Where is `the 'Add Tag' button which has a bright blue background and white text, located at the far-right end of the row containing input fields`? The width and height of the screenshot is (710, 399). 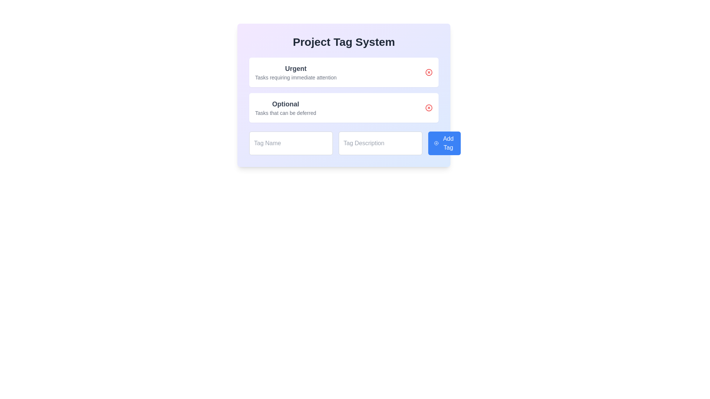
the 'Add Tag' button which has a bright blue background and white text, located at the far-right end of the row containing input fields is located at coordinates (444, 143).